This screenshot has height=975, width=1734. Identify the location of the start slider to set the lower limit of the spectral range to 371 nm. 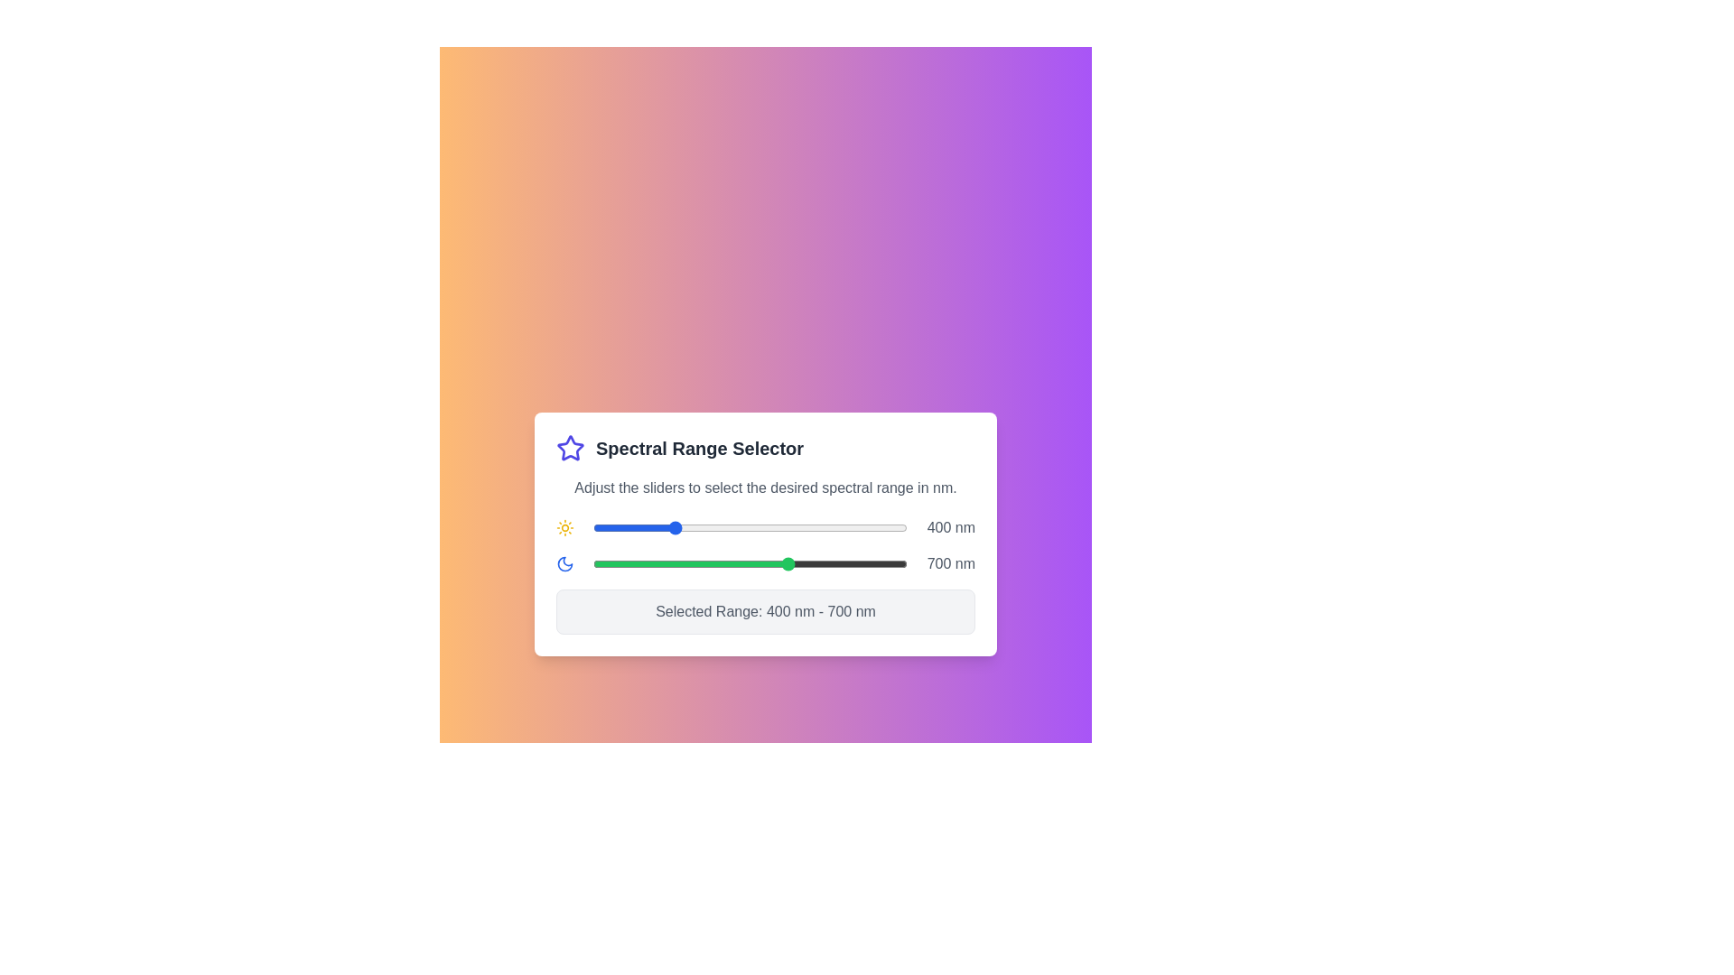
(659, 528).